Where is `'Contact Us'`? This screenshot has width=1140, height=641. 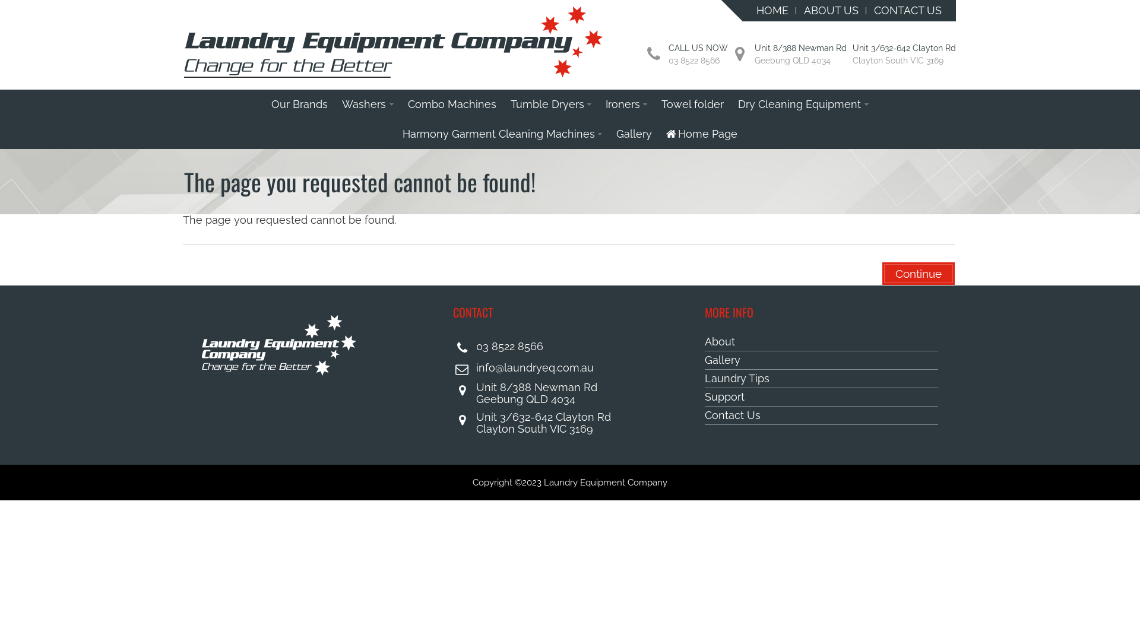
'Contact Us' is located at coordinates (704, 415).